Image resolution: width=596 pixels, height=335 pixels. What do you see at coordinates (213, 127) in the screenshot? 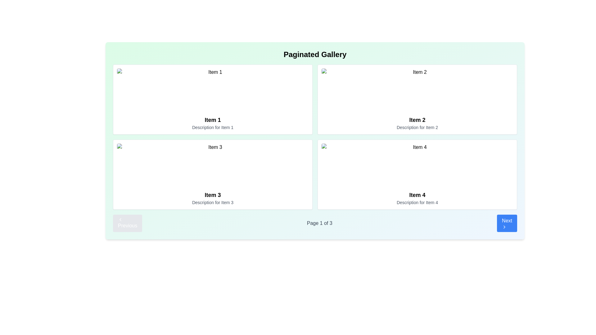
I see `the text label element reading 'Description for Item 1' which is located below the title 'Item 1' in the first card of a grid layout` at bounding box center [213, 127].